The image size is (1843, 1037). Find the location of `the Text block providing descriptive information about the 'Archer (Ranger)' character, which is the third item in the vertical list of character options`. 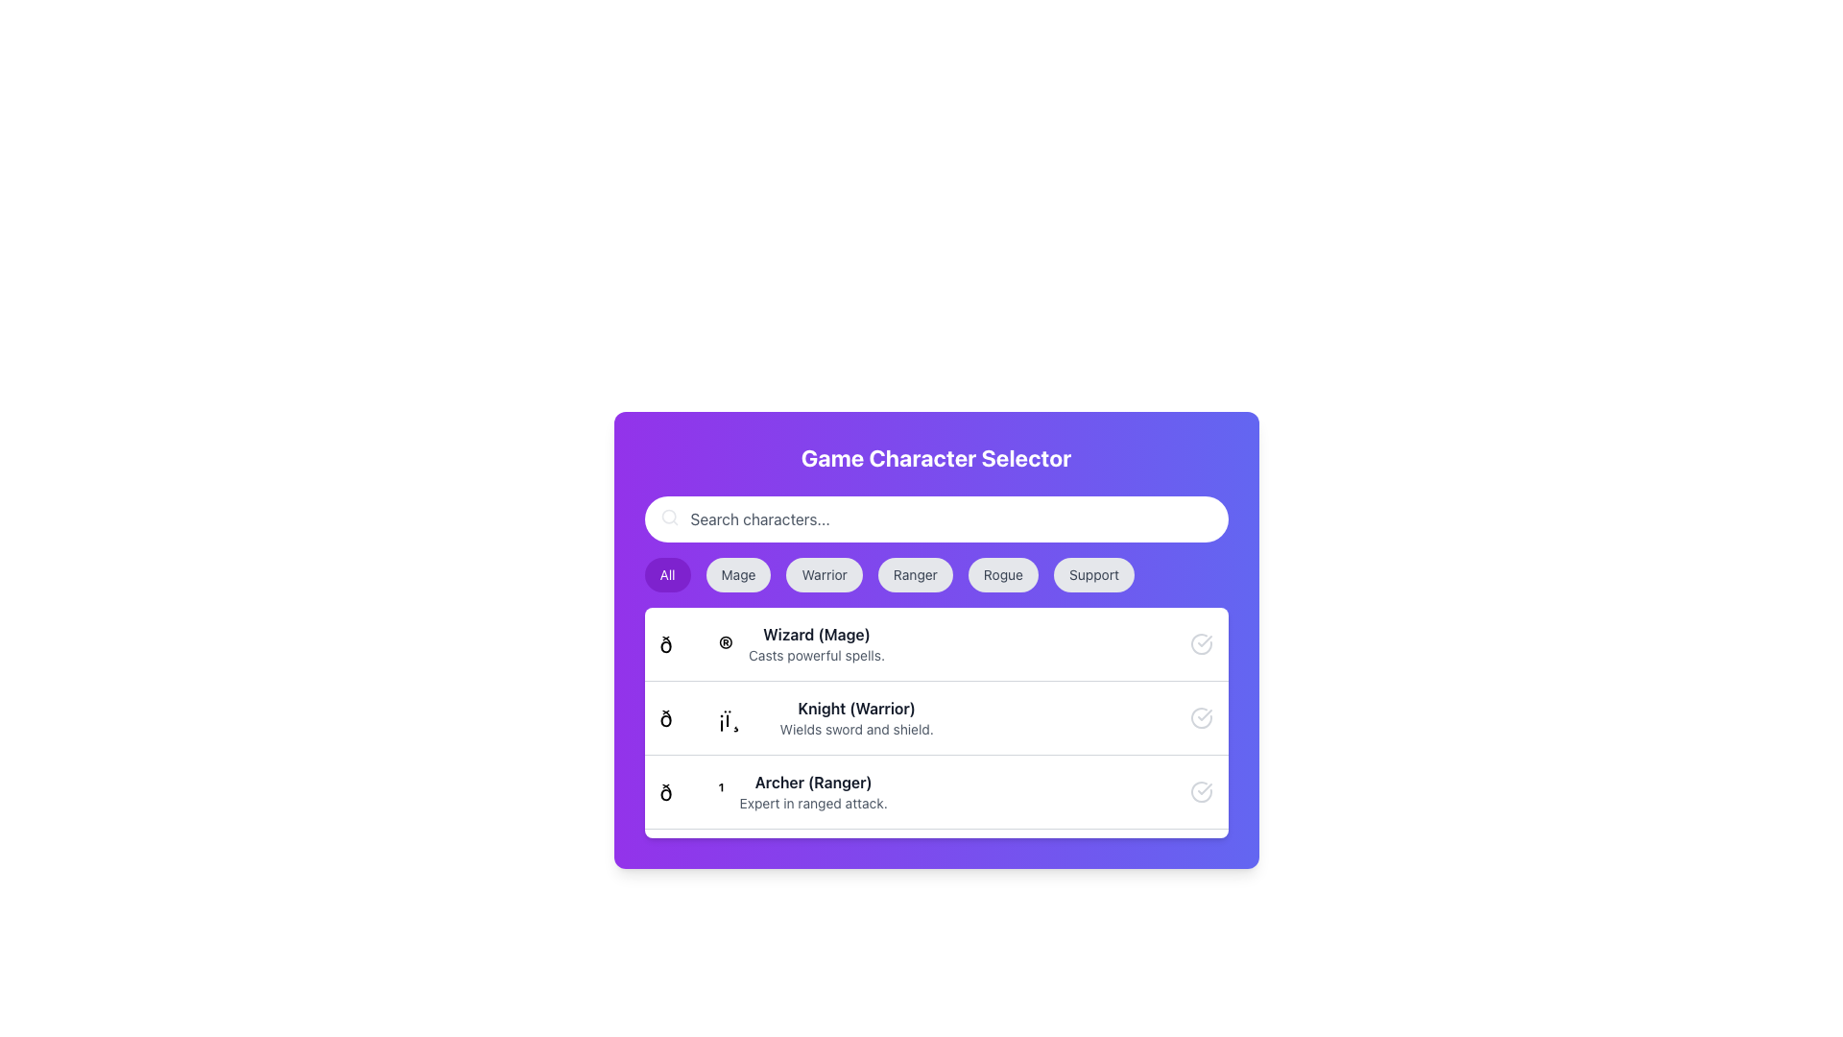

the Text block providing descriptive information about the 'Archer (Ranger)' character, which is the third item in the vertical list of character options is located at coordinates (813, 792).